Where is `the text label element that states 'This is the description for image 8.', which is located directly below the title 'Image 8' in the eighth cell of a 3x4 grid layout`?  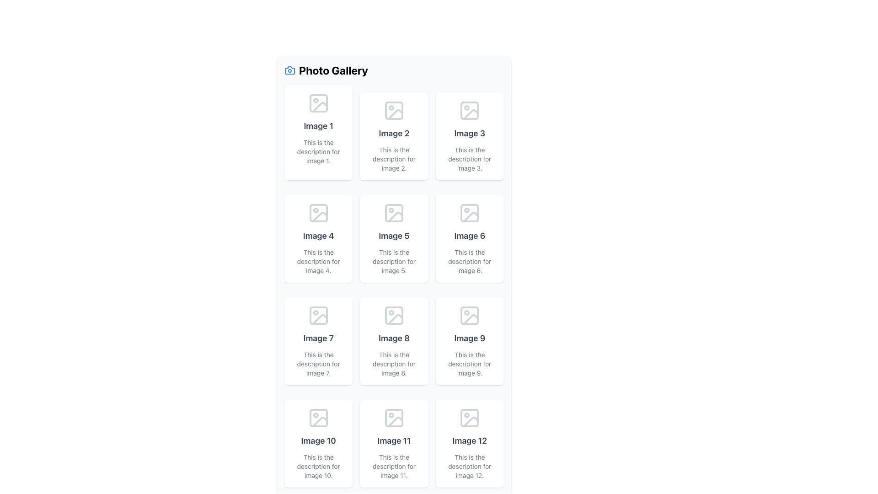
the text label element that states 'This is the description for image 8.', which is located directly below the title 'Image 8' in the eighth cell of a 3x4 grid layout is located at coordinates (394, 363).